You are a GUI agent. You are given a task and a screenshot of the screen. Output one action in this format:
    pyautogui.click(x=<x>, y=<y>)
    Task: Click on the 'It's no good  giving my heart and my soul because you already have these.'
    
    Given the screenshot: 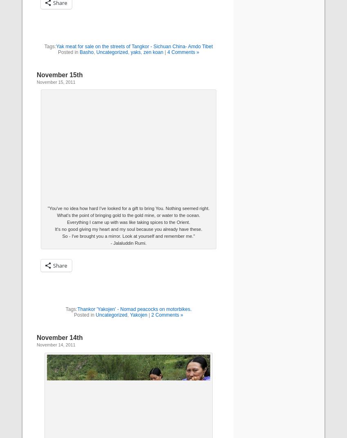 What is the action you would take?
    pyautogui.click(x=54, y=228)
    